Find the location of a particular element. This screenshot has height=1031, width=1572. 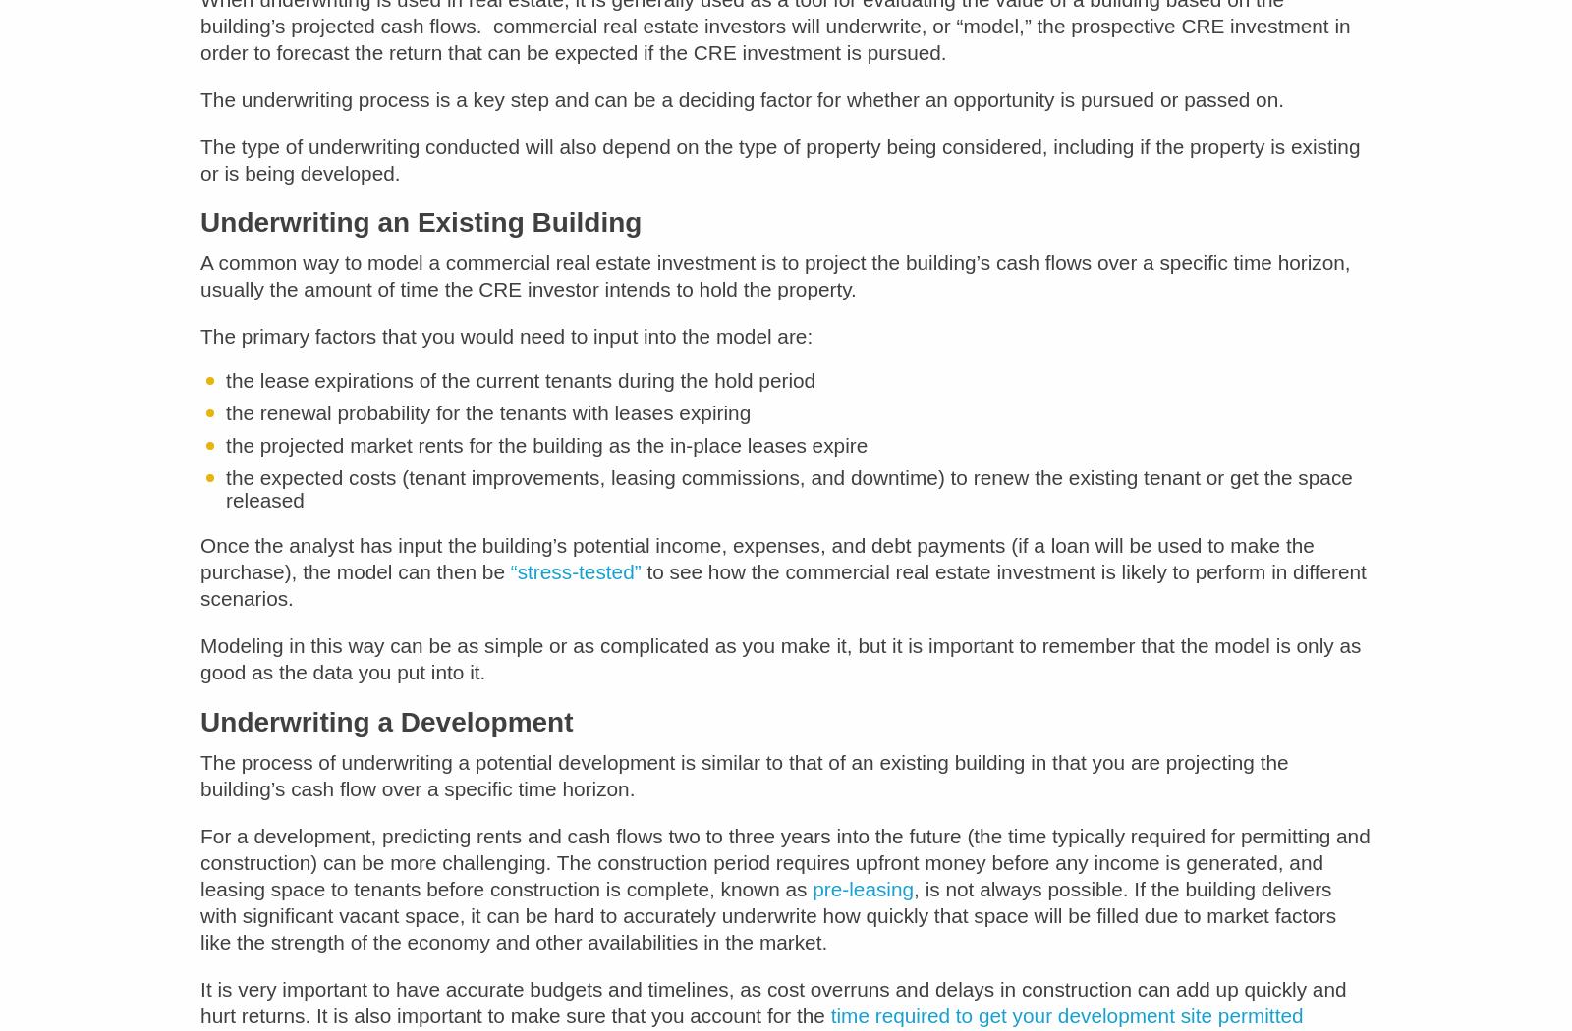

'When underwriting is used in real estate, it is generally used as a tool for evaluating the value of a building based on the building’s projected cash flows.  commercial real estate investors will underwrite, or “model,” the prospective CRE investment in order to forecast the return that can be expected if the CRE investment is pursued.' is located at coordinates (774, 38).